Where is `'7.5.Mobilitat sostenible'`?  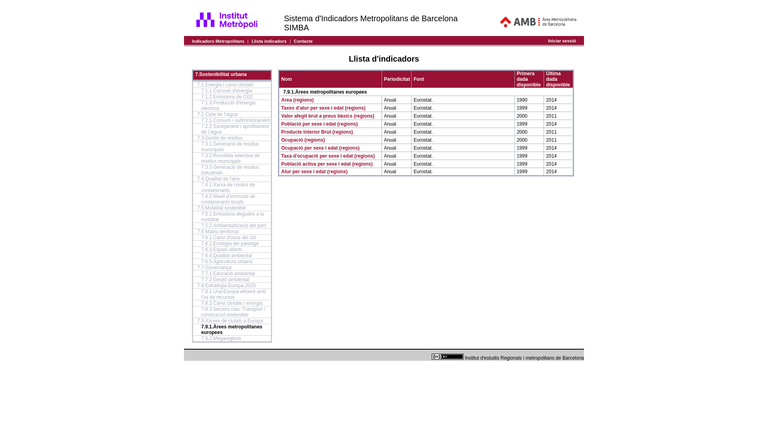
'7.5.Mobilitat sostenible' is located at coordinates (221, 208).